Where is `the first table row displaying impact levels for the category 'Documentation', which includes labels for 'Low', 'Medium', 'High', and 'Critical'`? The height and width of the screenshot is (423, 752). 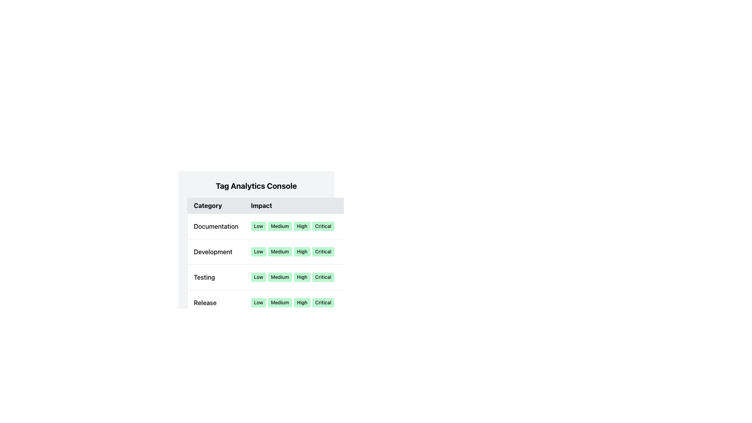
the first table row displaying impact levels for the category 'Documentation', which includes labels for 'Low', 'Medium', 'High', and 'Critical' is located at coordinates (282, 226).